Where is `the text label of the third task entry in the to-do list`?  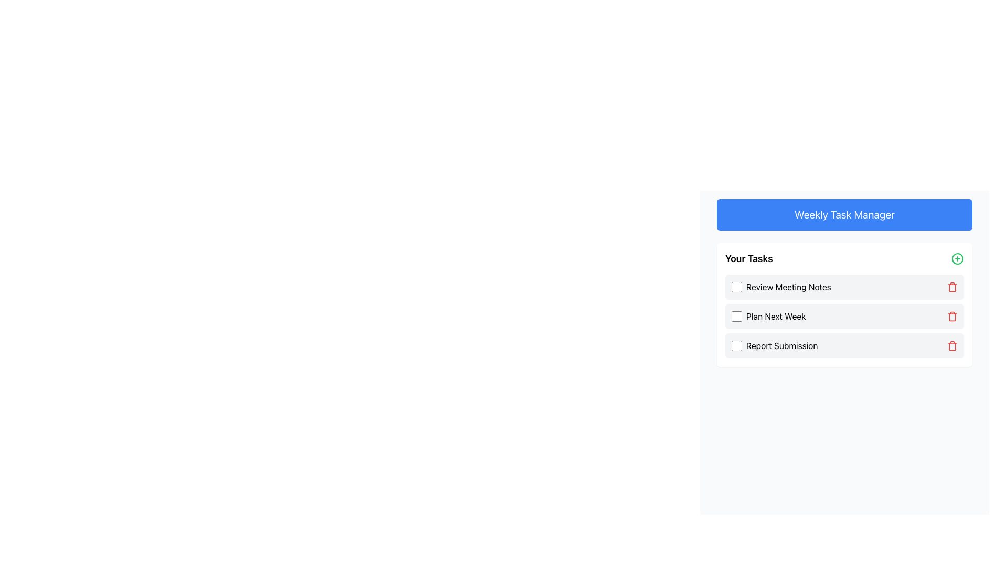
the text label of the third task entry in the to-do list is located at coordinates (775, 345).